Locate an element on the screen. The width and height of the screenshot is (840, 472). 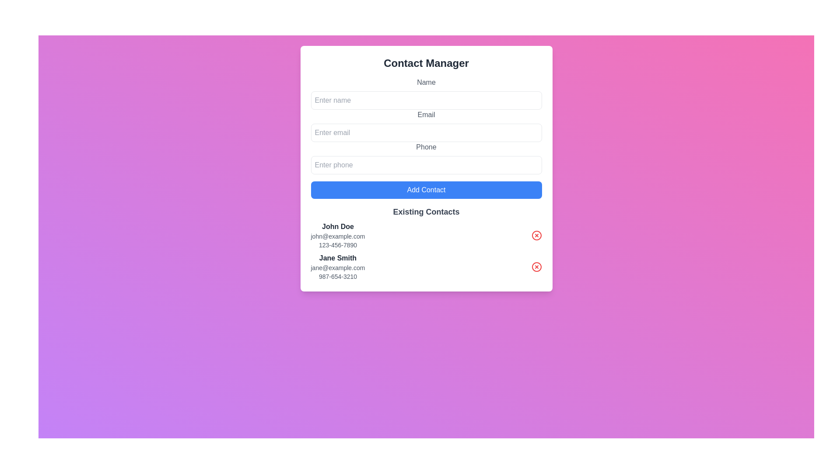
the contact entry for a specific contact located below the 'Existing Contacts' heading, following 'John Doe' is located at coordinates (337, 266).